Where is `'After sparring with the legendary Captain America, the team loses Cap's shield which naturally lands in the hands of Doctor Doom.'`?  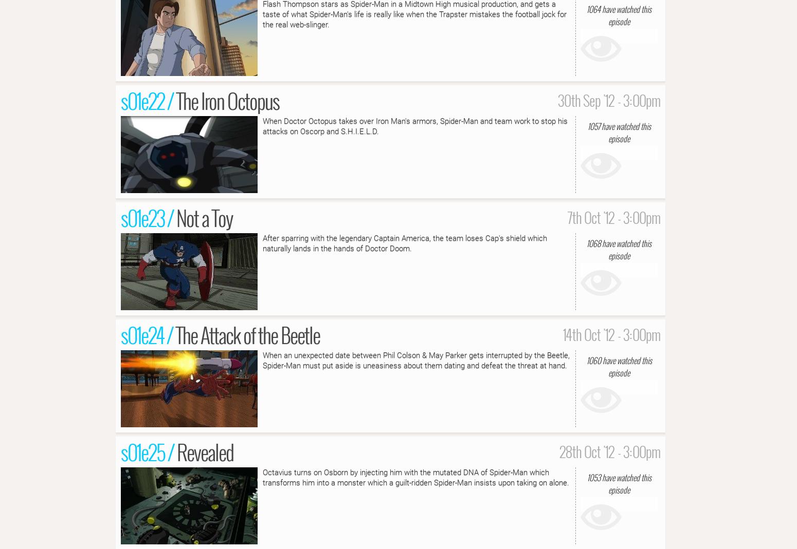
'After sparring with the legendary Captain America, the team loses Cap's shield which naturally lands in the hands of Doctor Doom.' is located at coordinates (404, 242).